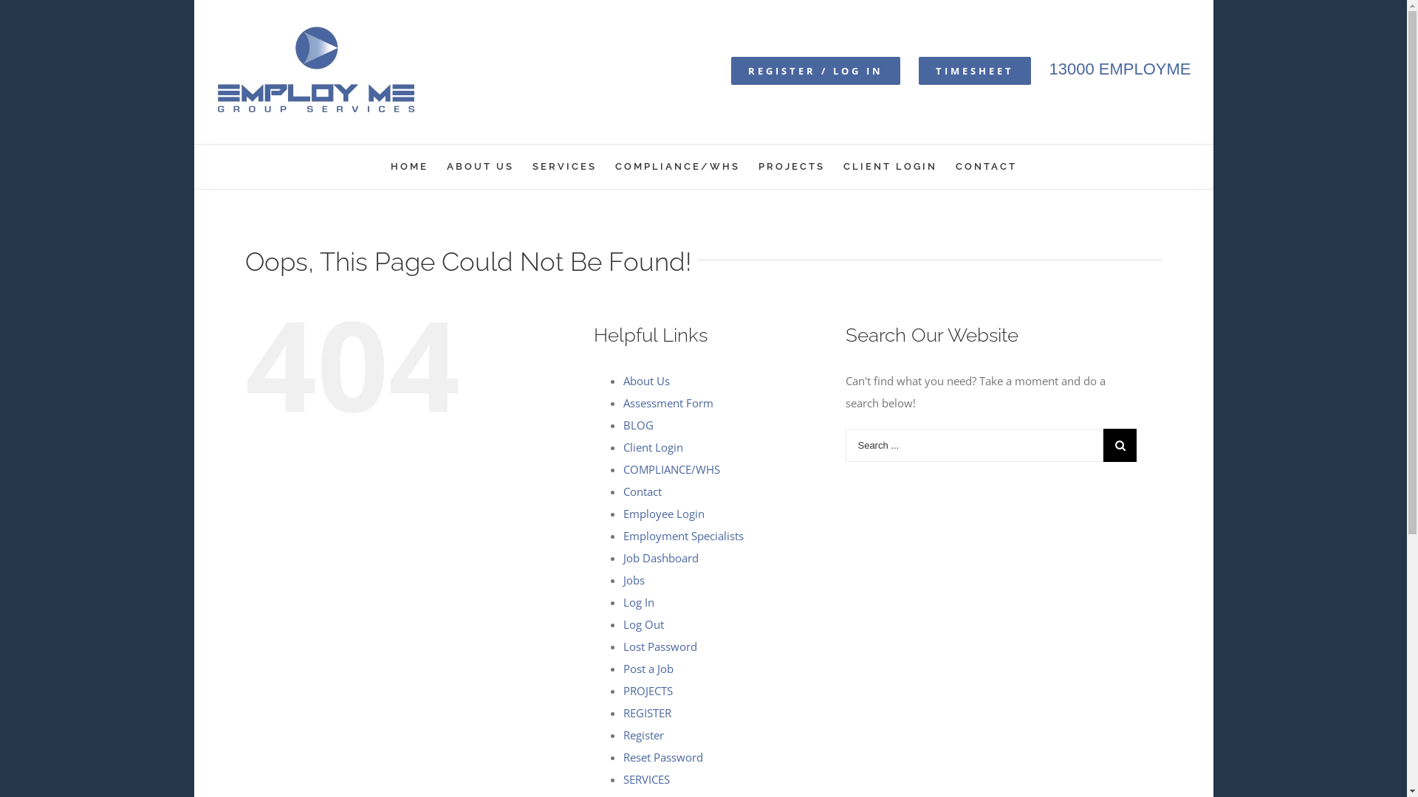 This screenshot has height=797, width=1418. What do you see at coordinates (671, 469) in the screenshot?
I see `'COMPLIANCE/WHS'` at bounding box center [671, 469].